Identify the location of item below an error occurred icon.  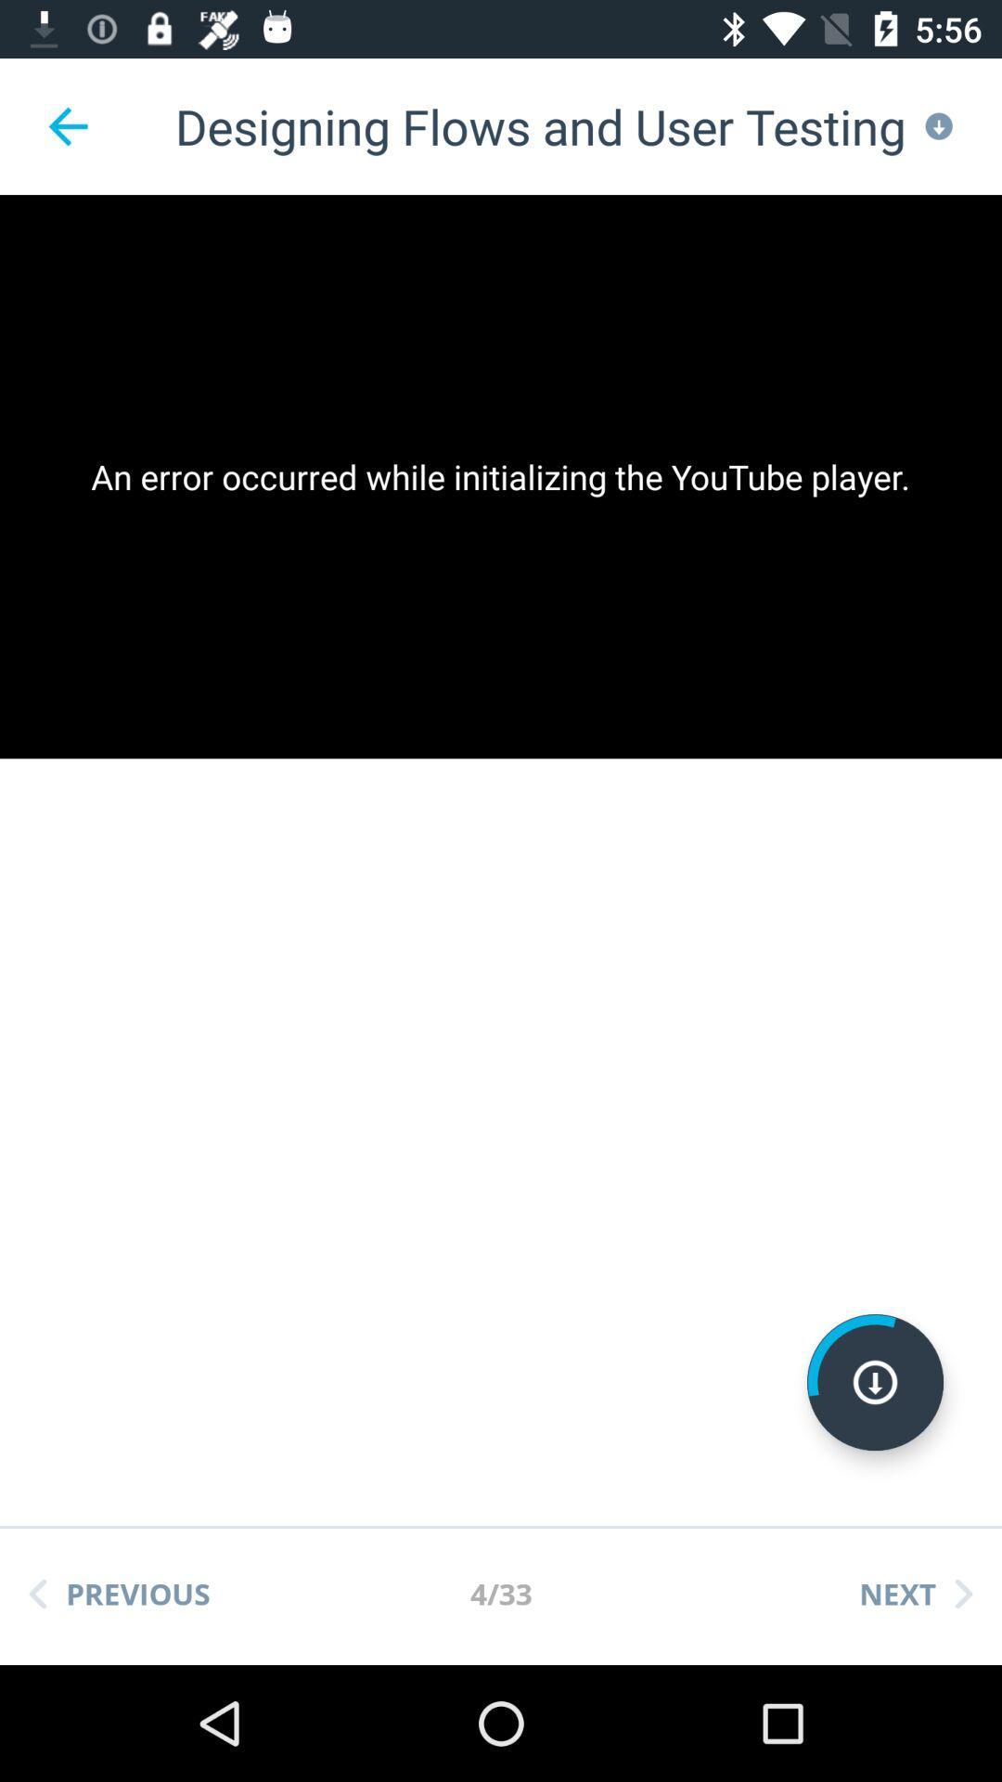
(875, 1382).